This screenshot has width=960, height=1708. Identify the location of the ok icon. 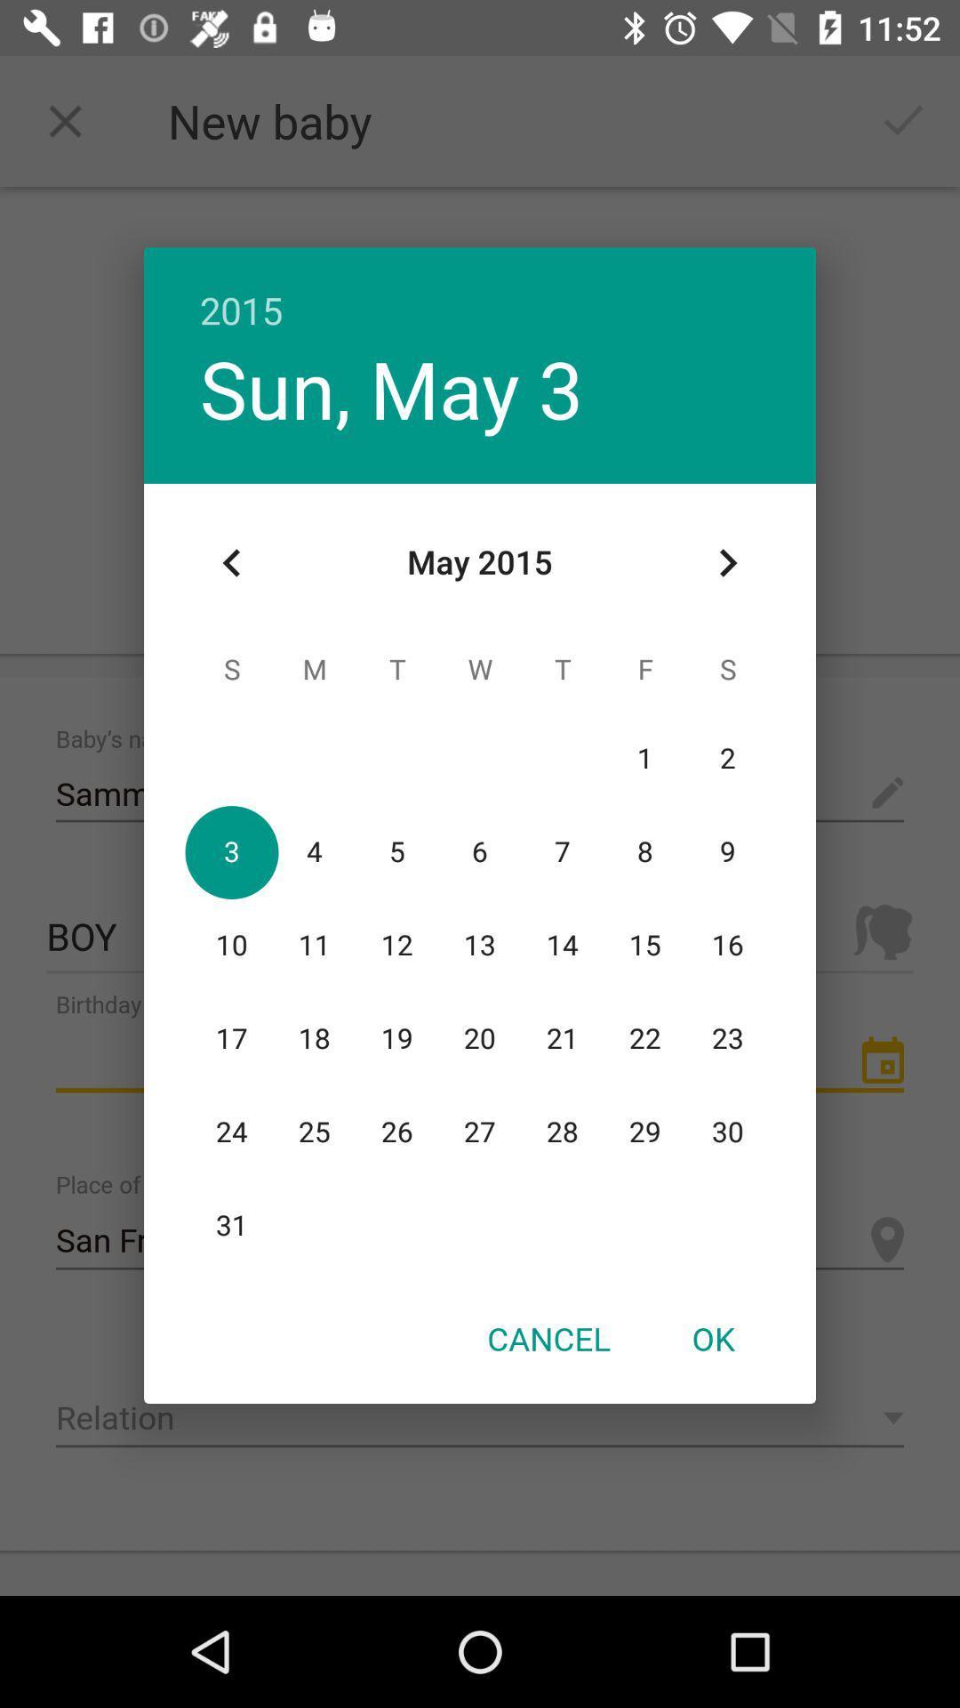
(712, 1338).